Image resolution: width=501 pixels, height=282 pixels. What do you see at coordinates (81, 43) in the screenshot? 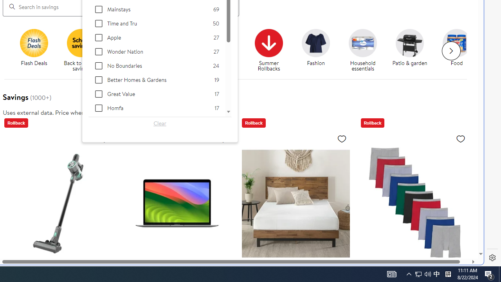
I see `'Back to School savings'` at bounding box center [81, 43].